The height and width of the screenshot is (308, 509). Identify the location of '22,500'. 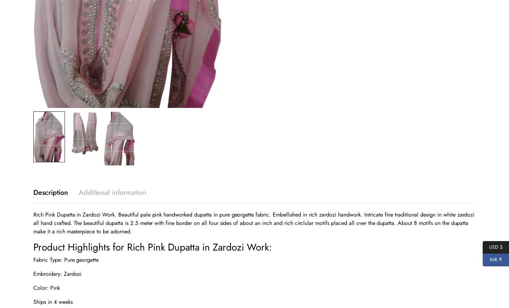
(50, 14).